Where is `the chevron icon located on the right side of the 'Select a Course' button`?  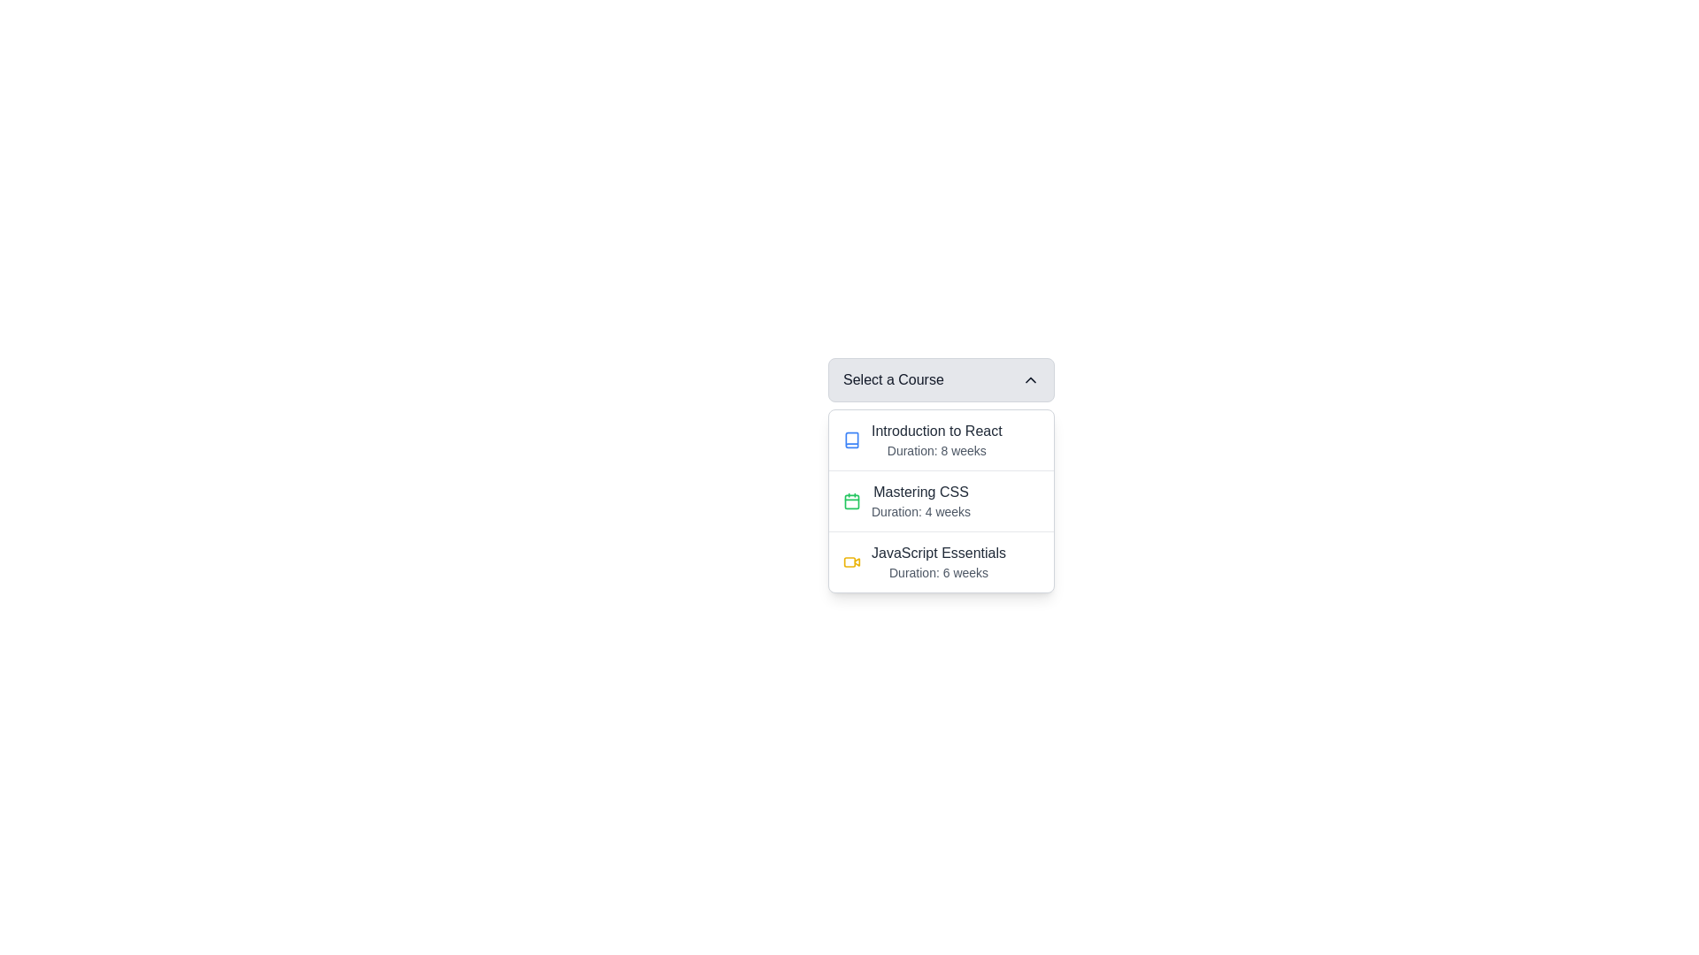 the chevron icon located on the right side of the 'Select a Course' button is located at coordinates (1031, 378).